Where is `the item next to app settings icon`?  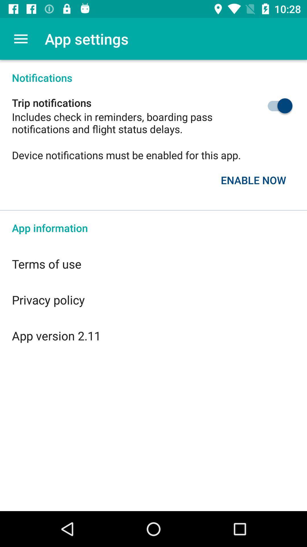
the item next to app settings icon is located at coordinates (20, 38).